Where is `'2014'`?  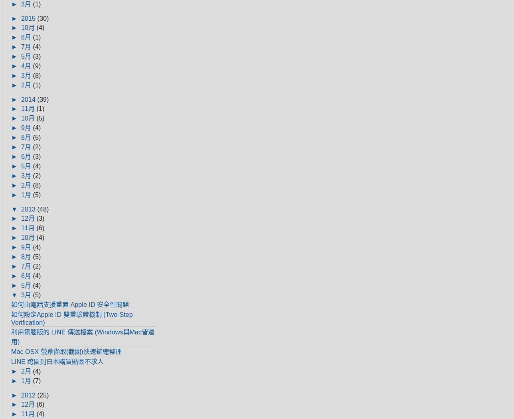
'2014' is located at coordinates (29, 99).